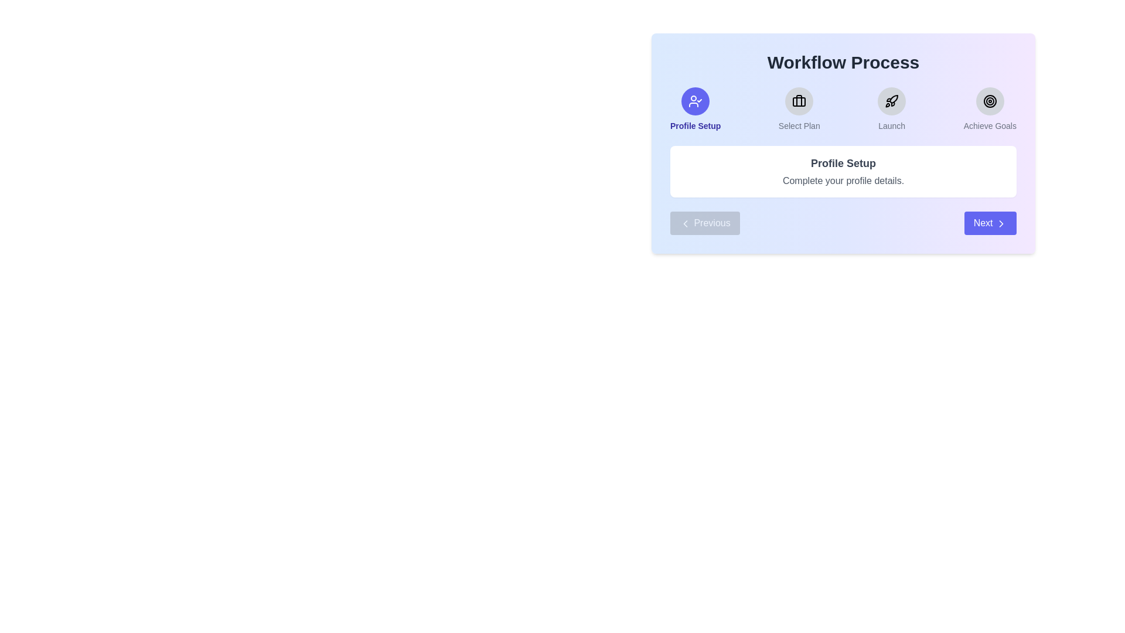 The width and height of the screenshot is (1125, 633). What do you see at coordinates (891, 101) in the screenshot?
I see `the Launch step icon to view its details` at bounding box center [891, 101].